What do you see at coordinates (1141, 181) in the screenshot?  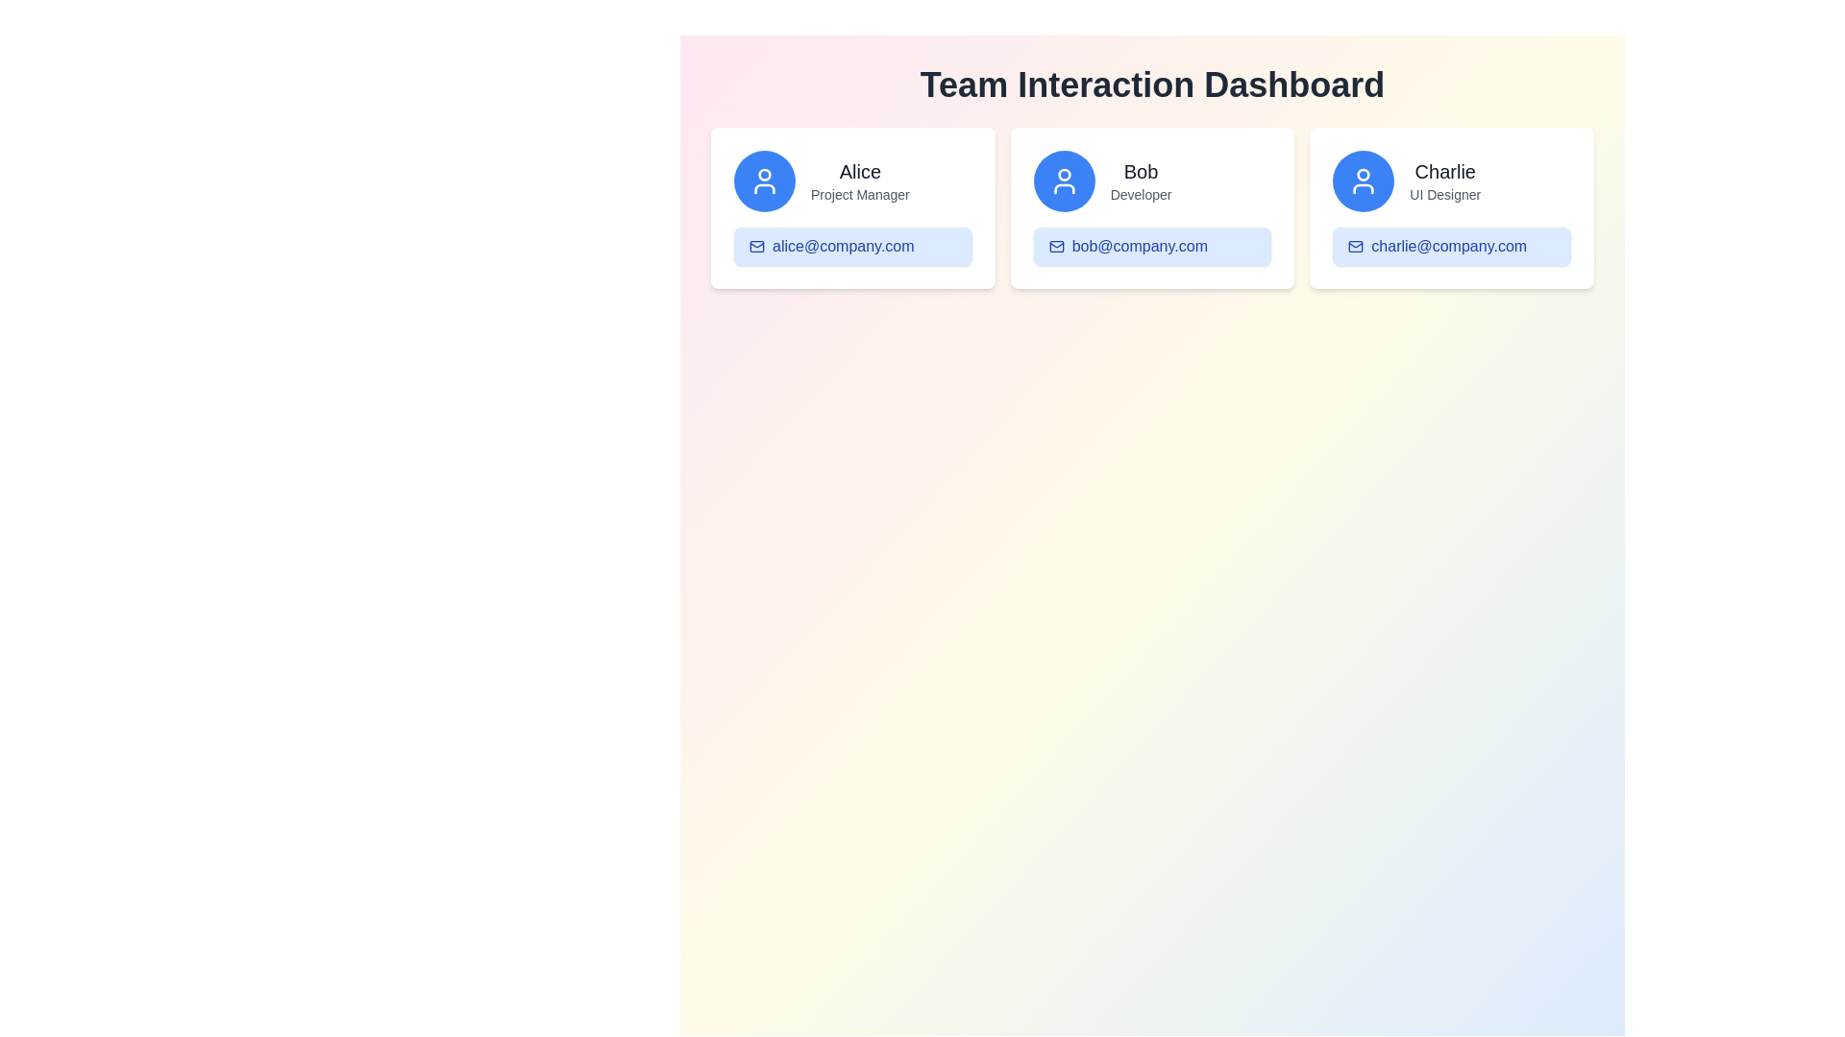 I see `the text content displaying 'Bob' as a title and 'Developer' as a subtitle, which is located in the center of the middle card in a row of three cards` at bounding box center [1141, 181].